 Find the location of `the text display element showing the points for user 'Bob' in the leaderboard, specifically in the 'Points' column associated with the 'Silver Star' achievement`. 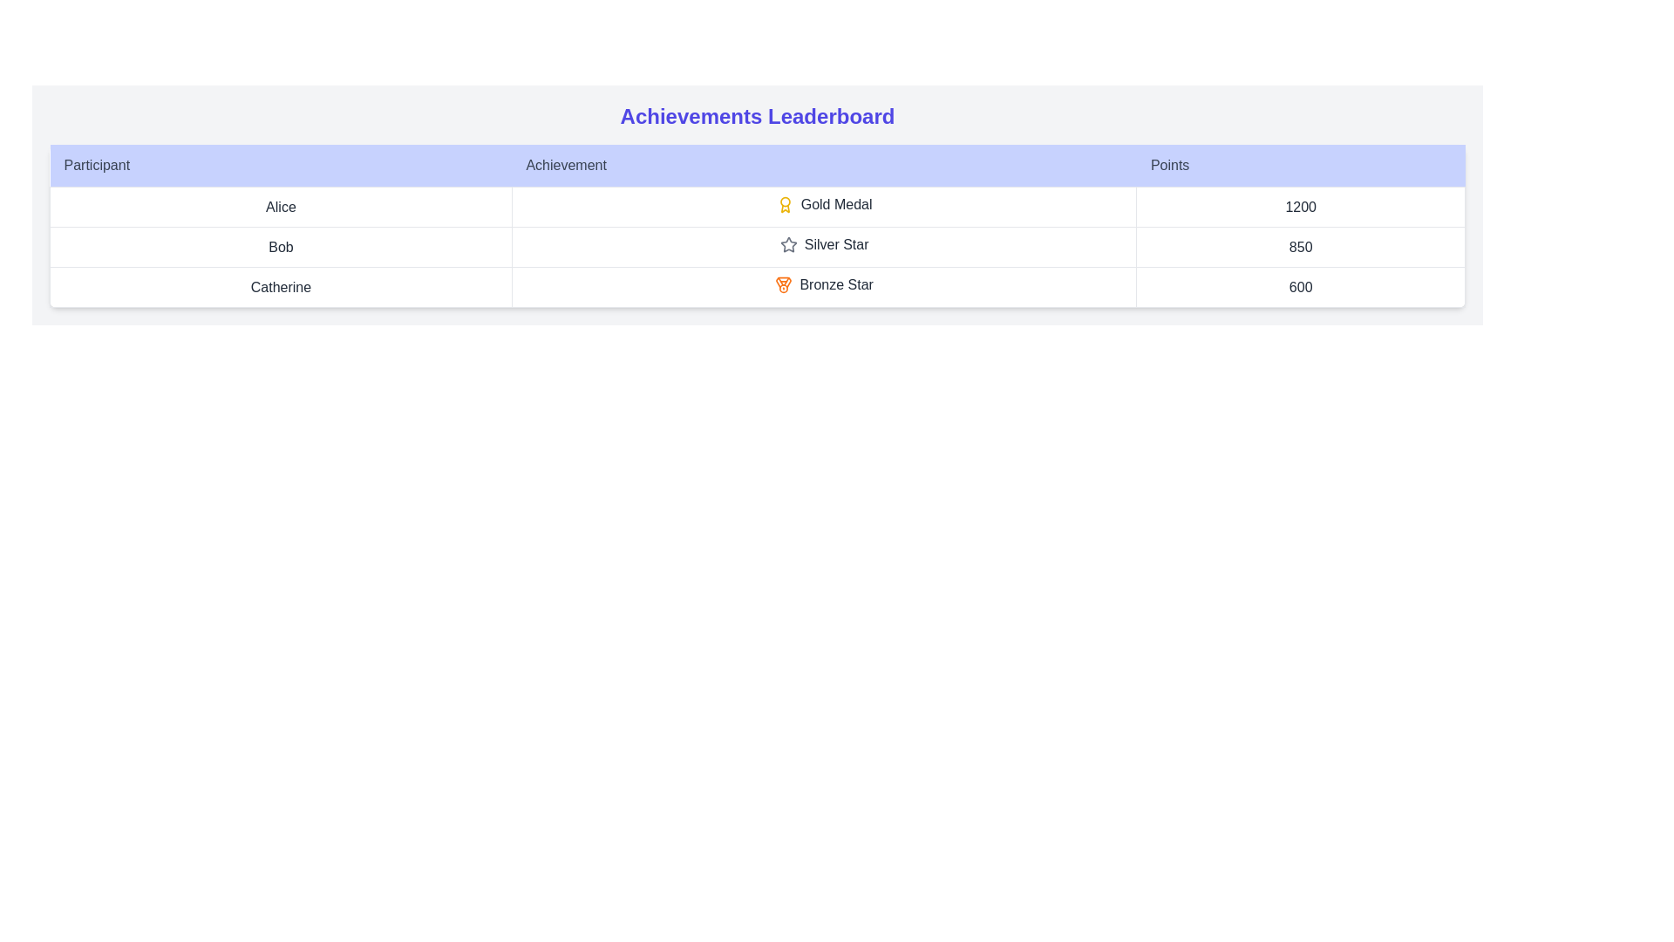

the text display element showing the points for user 'Bob' in the leaderboard, specifically in the 'Points' column associated with the 'Silver Star' achievement is located at coordinates (1301, 247).